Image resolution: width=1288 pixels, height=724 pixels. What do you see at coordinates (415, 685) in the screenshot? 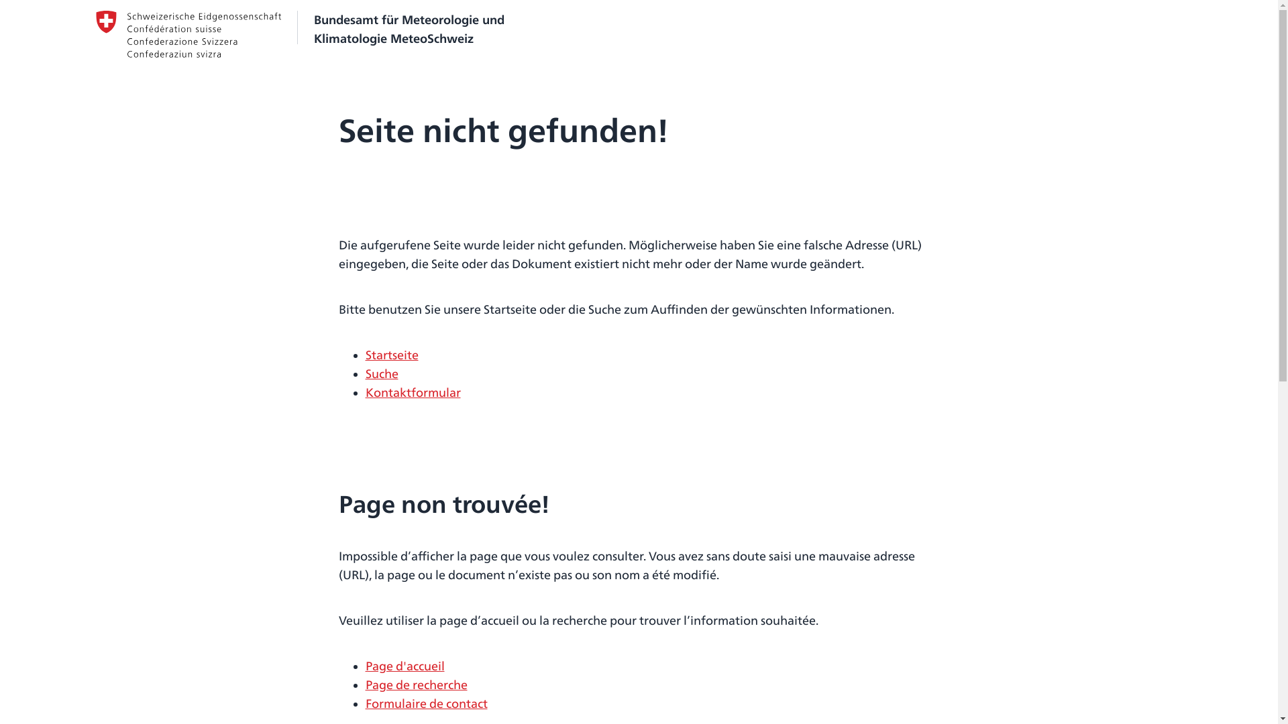
I see `'Page de recherche'` at bounding box center [415, 685].